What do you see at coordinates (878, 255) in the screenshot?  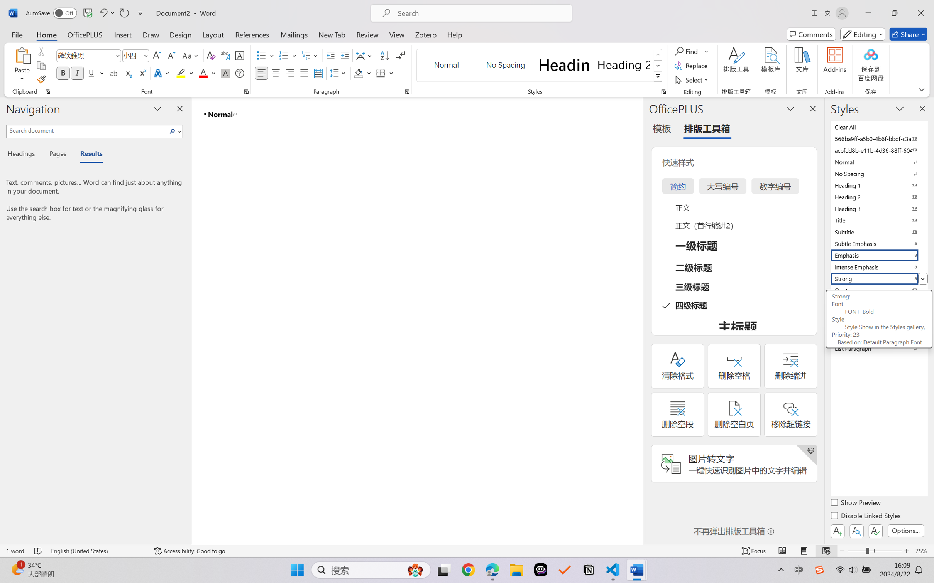 I see `'Emphasis'` at bounding box center [878, 255].